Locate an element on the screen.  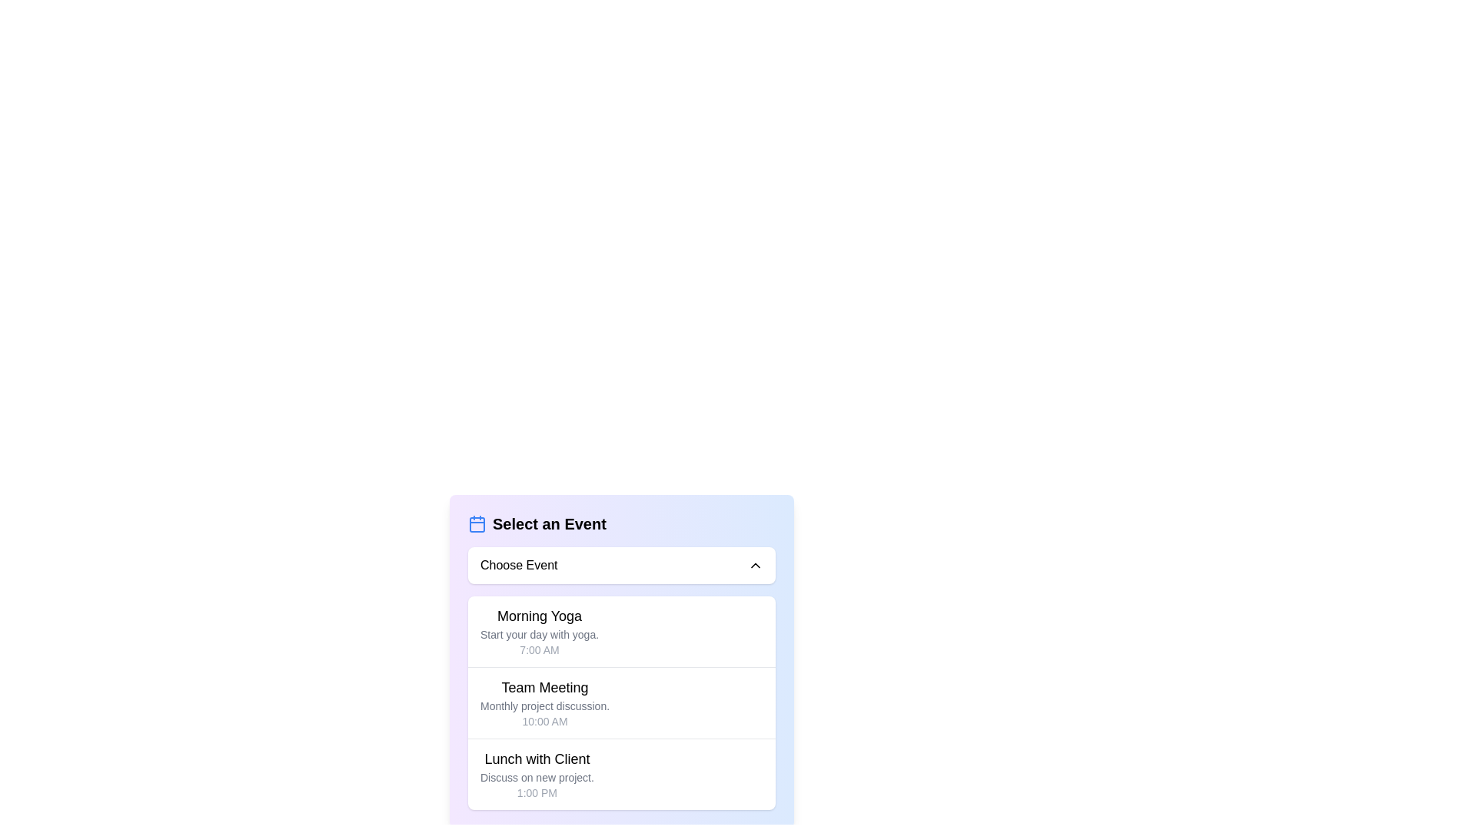
the chevron-up icon on the rightmost side of the 'Choose Event' selection bar is located at coordinates (756, 566).